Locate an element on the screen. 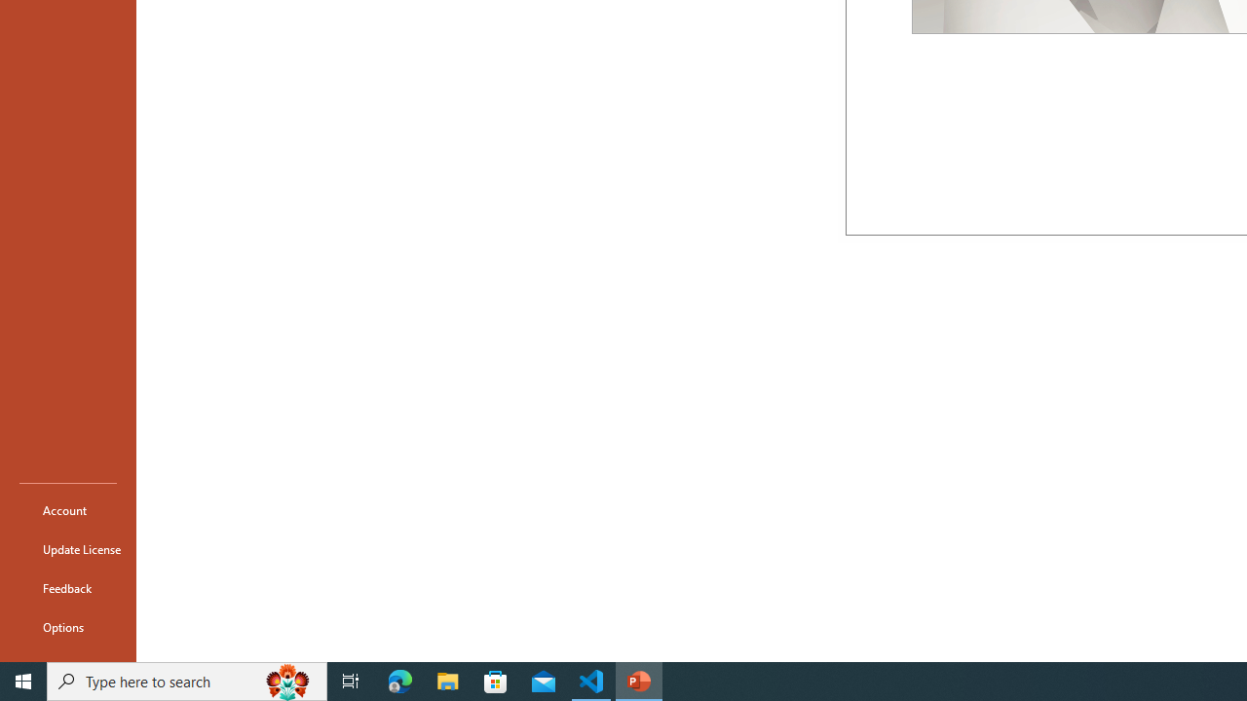  'Options' is located at coordinates (67, 627).